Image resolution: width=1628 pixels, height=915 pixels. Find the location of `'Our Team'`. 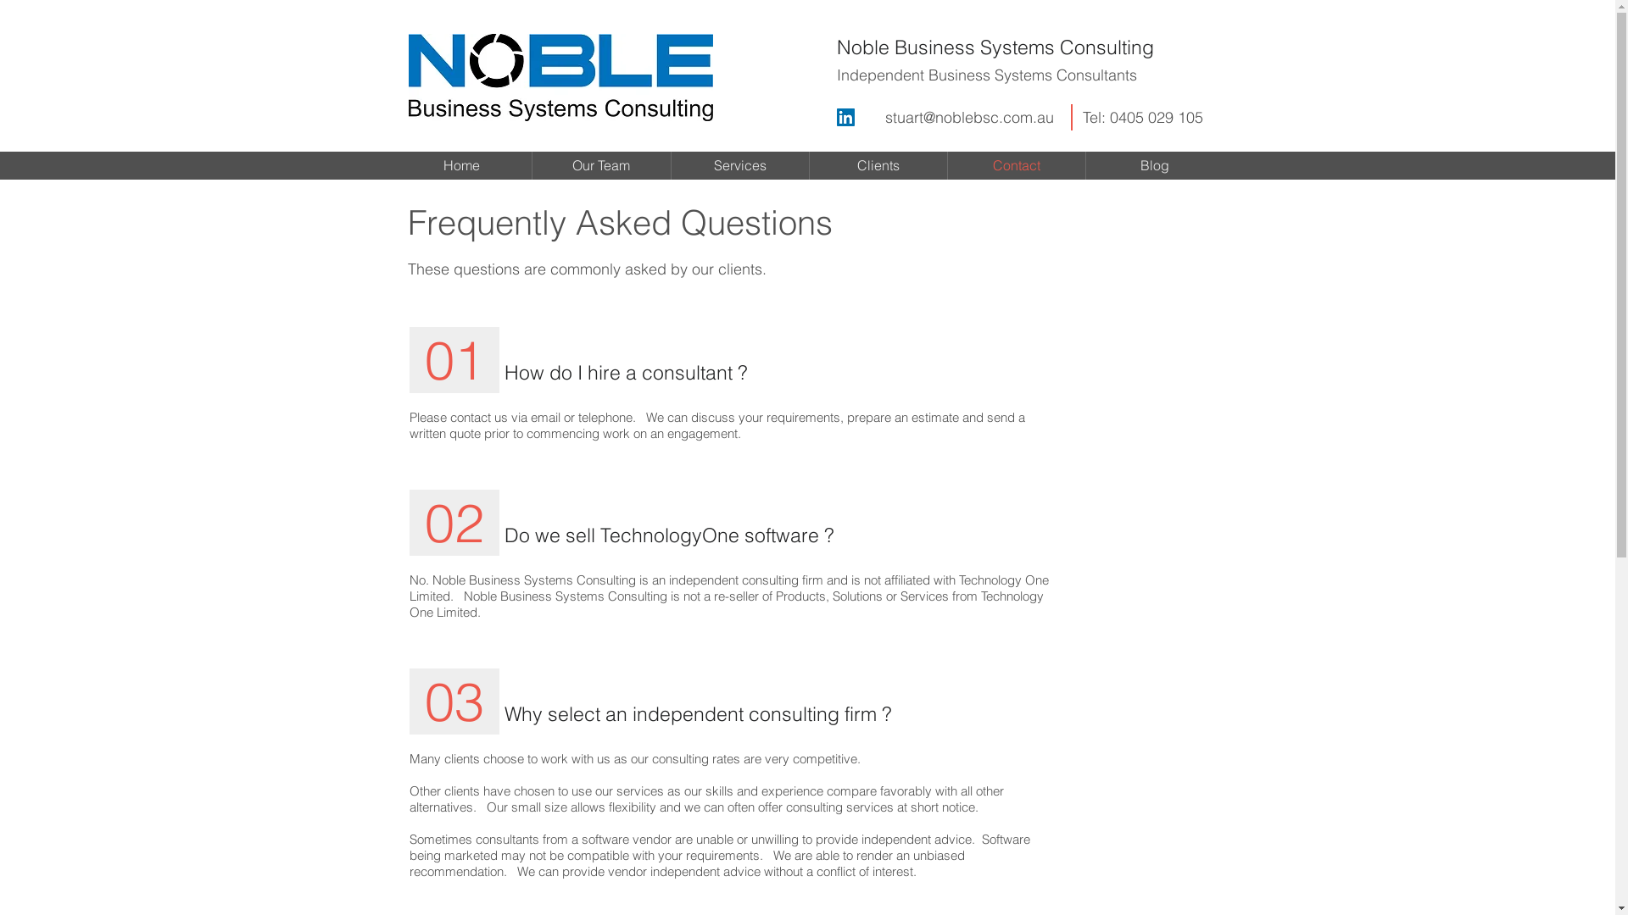

'Our Team' is located at coordinates (532, 165).